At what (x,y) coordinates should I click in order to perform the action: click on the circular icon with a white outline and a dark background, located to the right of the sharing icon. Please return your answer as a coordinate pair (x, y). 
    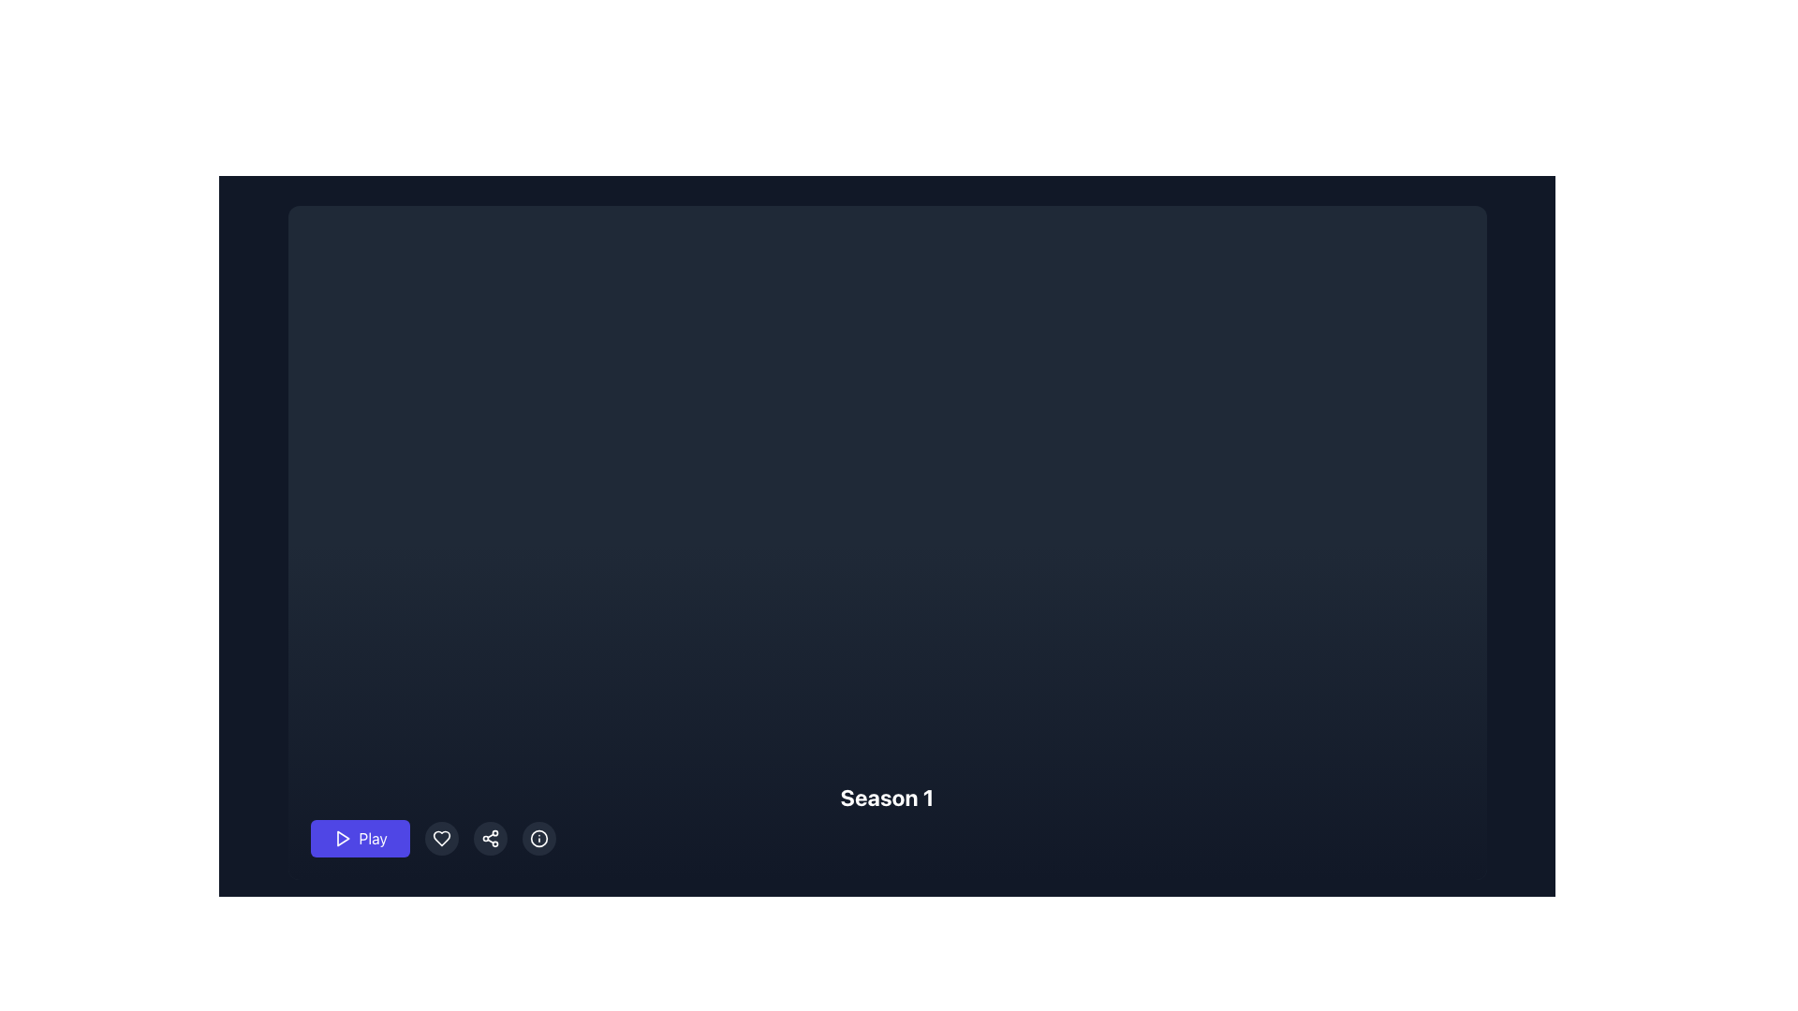
    Looking at the image, I should click on (538, 837).